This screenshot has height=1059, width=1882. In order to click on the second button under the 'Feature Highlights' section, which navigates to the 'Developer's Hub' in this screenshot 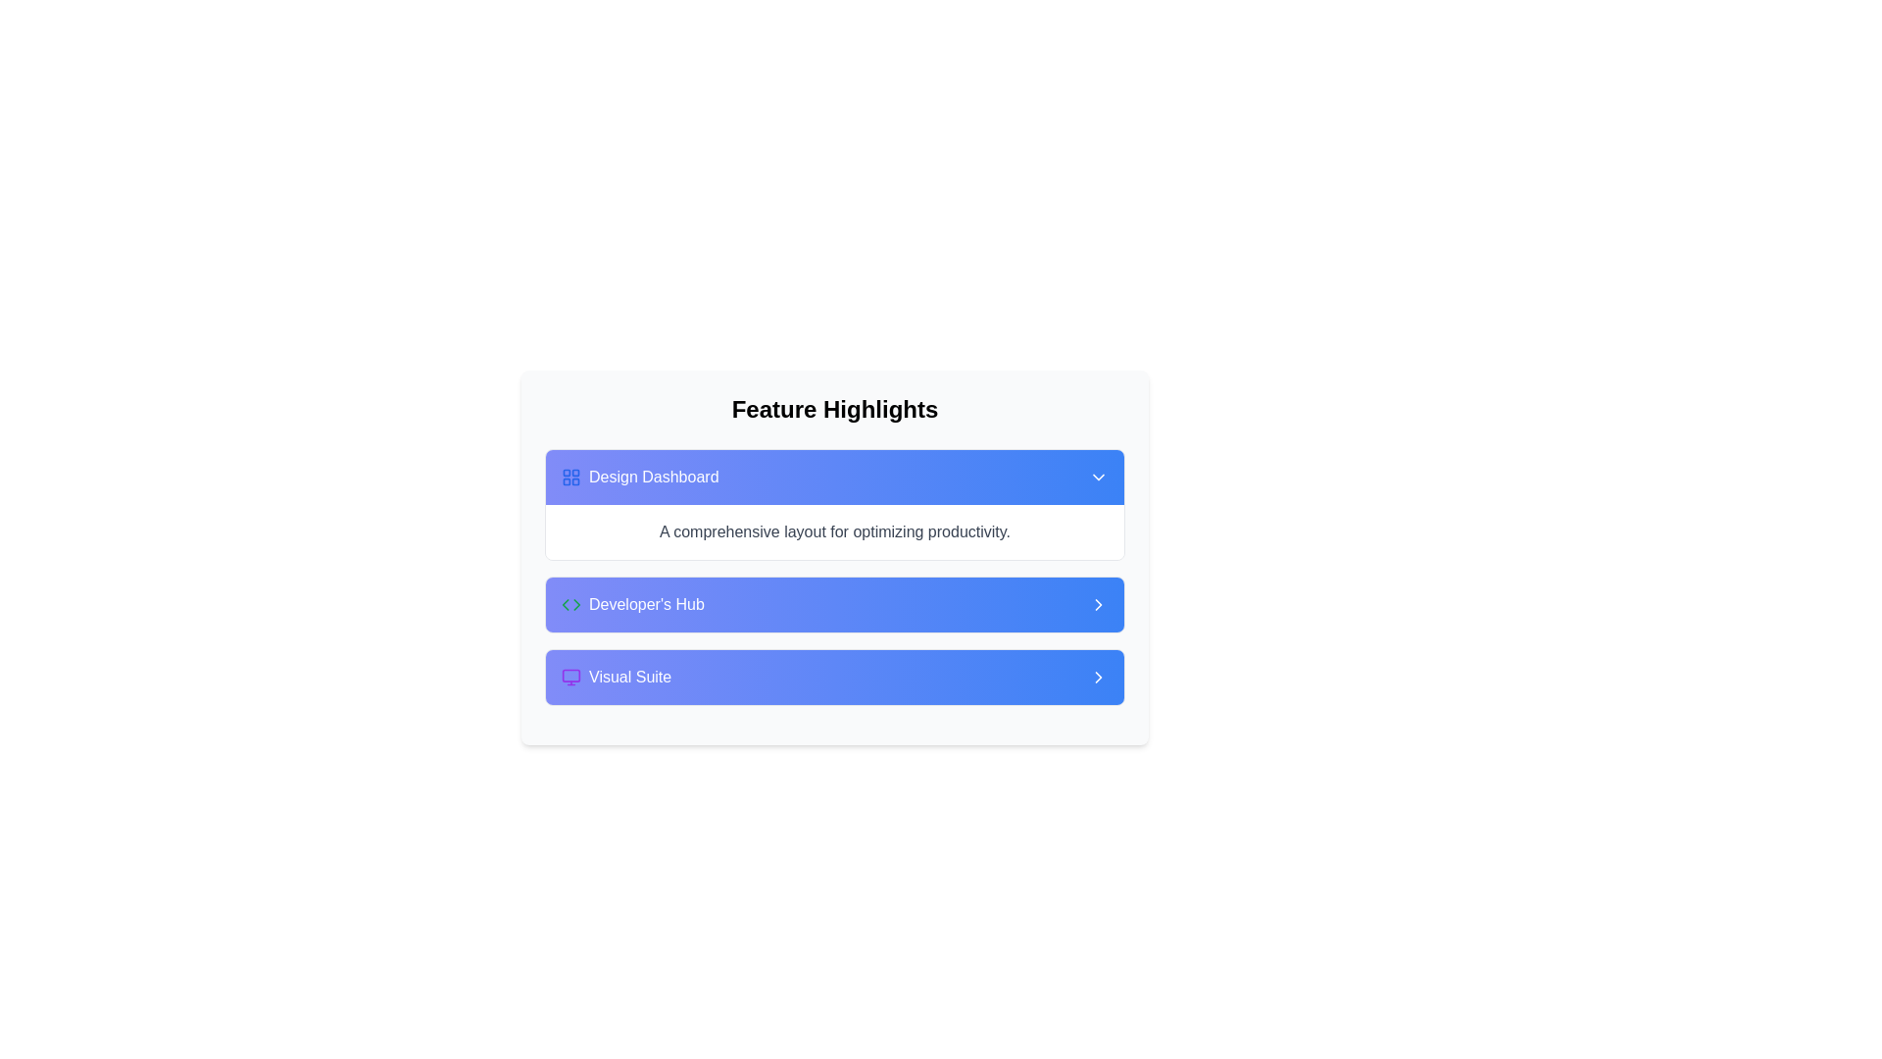, I will do `click(834, 604)`.